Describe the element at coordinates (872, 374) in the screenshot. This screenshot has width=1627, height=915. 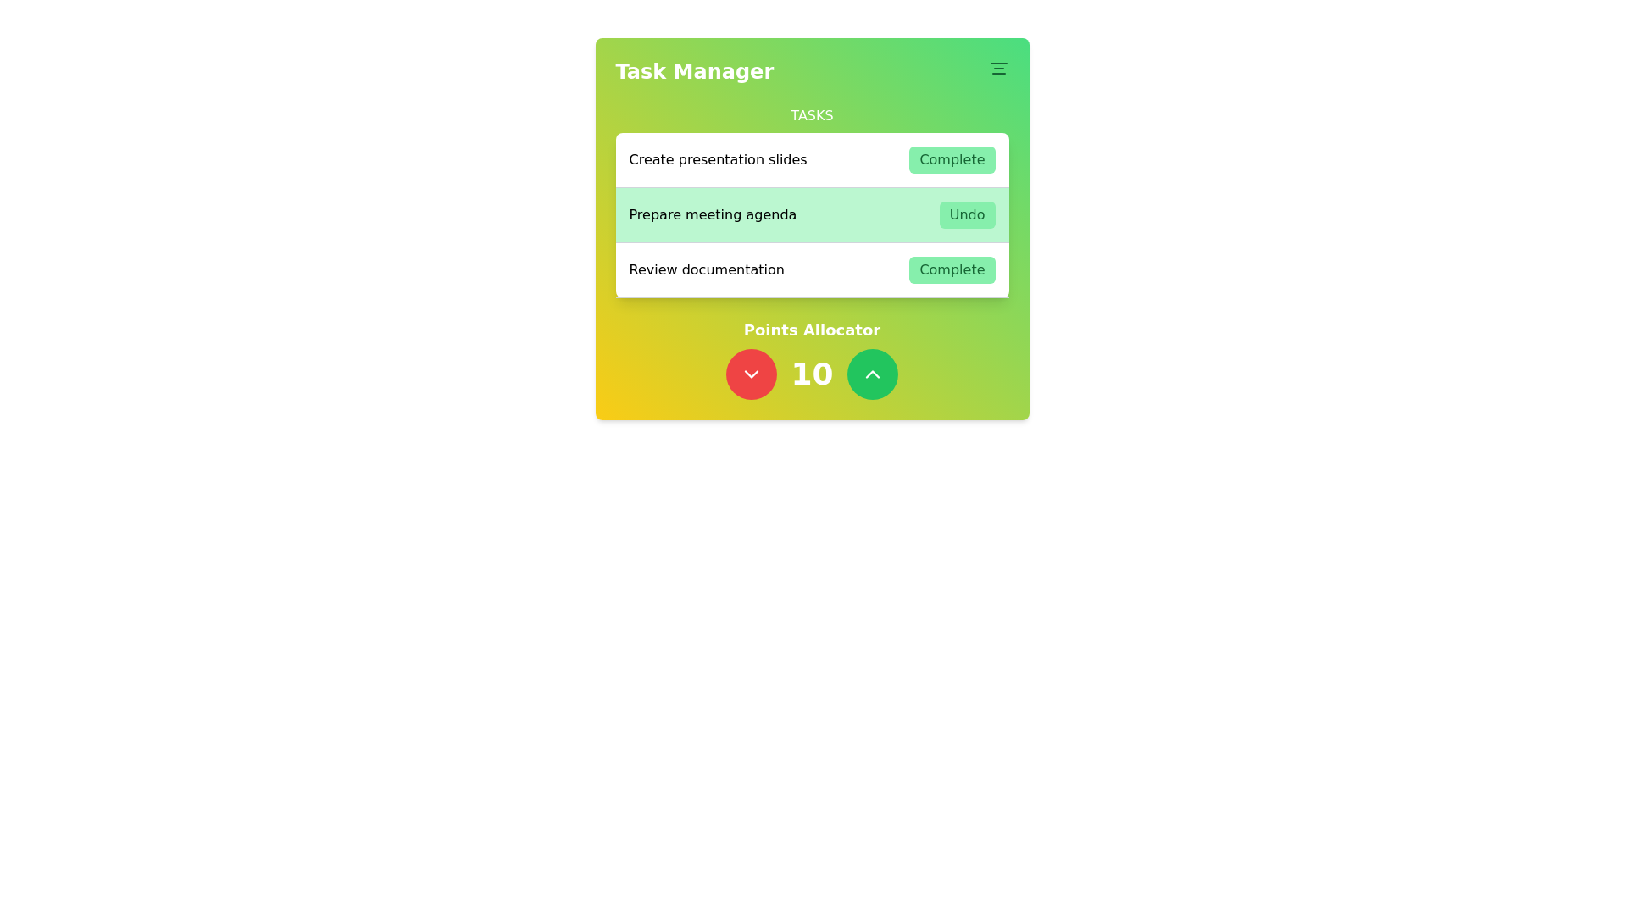
I see `the interactive button to increase the numerical value in the 'Points Allocator' section` at that location.